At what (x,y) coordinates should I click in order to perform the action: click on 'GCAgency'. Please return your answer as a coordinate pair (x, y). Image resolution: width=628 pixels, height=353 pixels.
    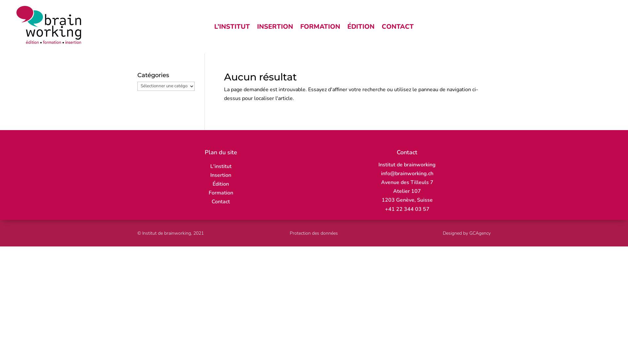
    Looking at the image, I should click on (469, 233).